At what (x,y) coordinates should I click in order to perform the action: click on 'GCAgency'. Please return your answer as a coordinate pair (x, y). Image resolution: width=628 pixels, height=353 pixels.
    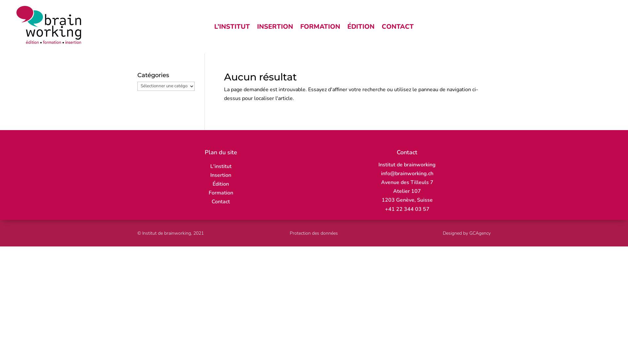
    Looking at the image, I should click on (469, 233).